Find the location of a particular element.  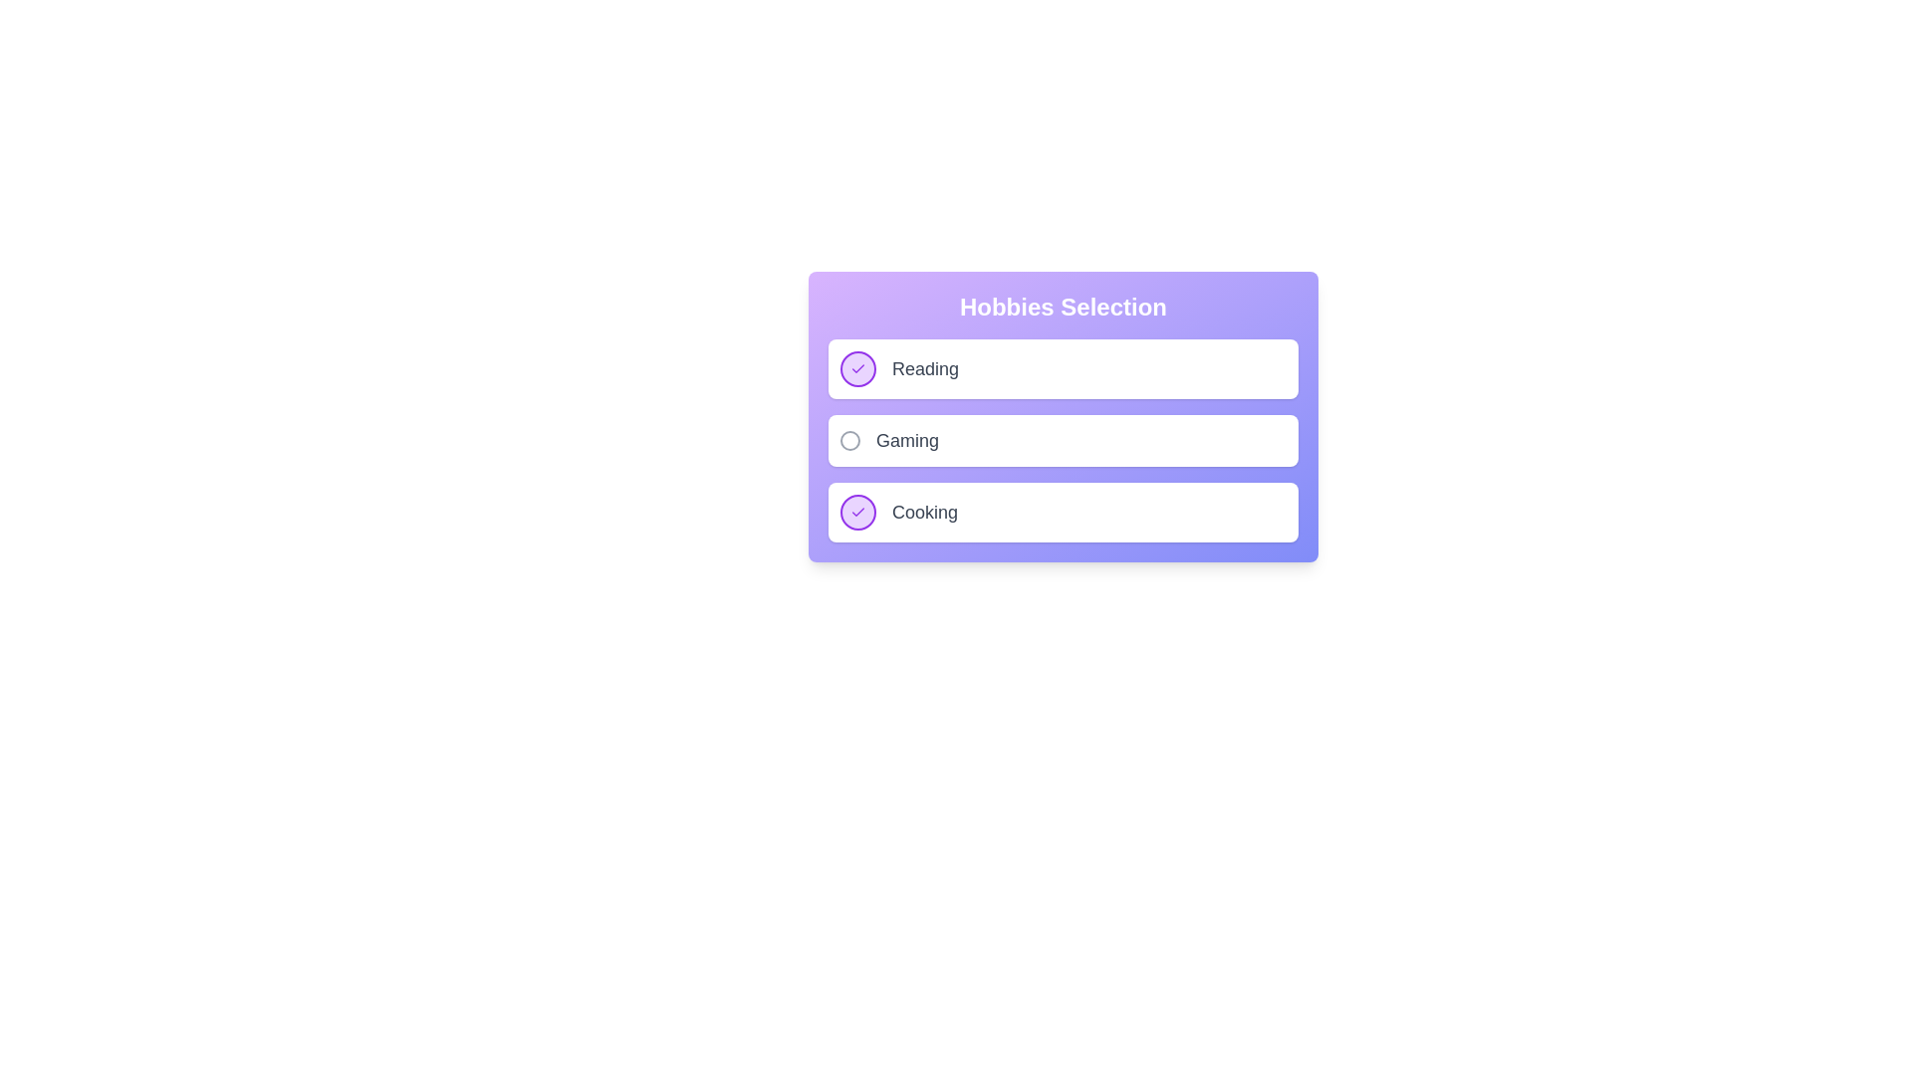

the activity Reading by clicking its respective button is located at coordinates (858, 368).